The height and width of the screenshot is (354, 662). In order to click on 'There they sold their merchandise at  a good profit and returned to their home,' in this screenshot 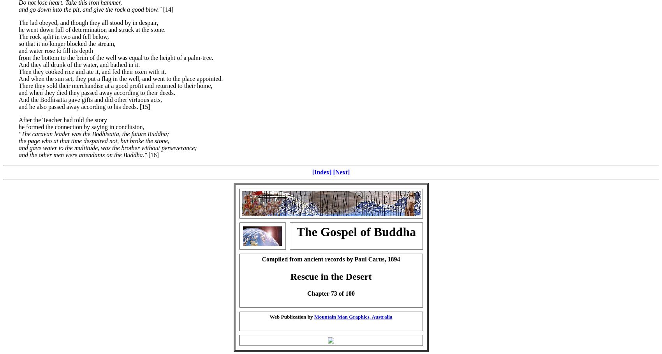, I will do `click(115, 85)`.